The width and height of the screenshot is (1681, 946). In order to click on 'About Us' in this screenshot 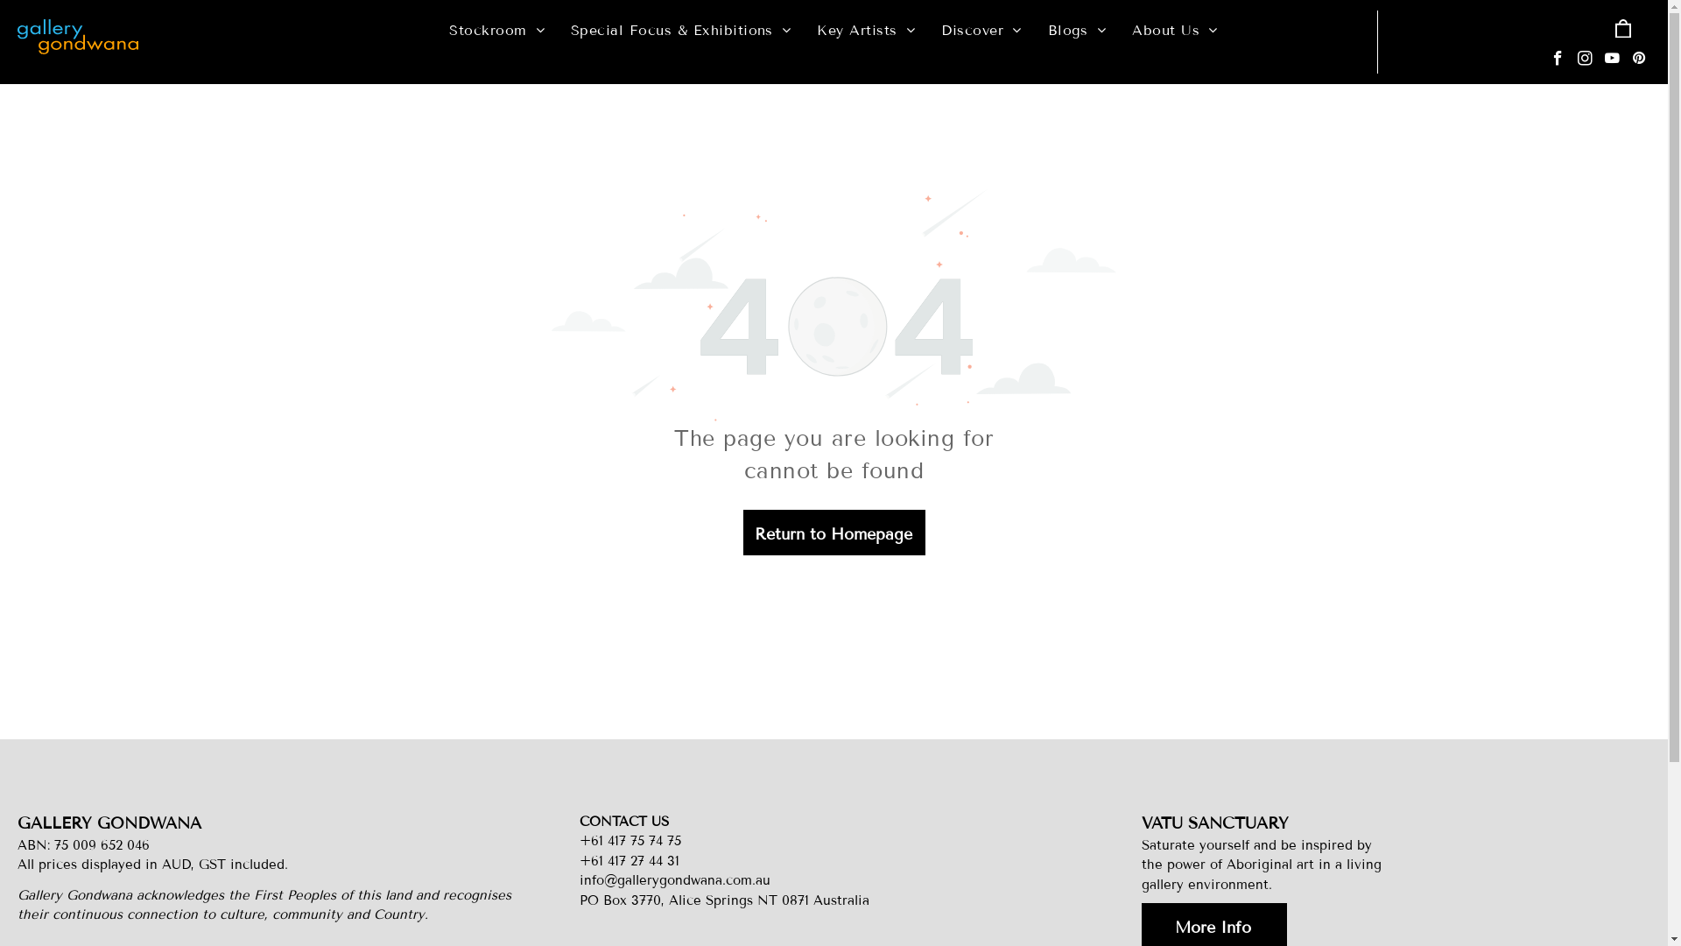, I will do `click(1117, 30)`.